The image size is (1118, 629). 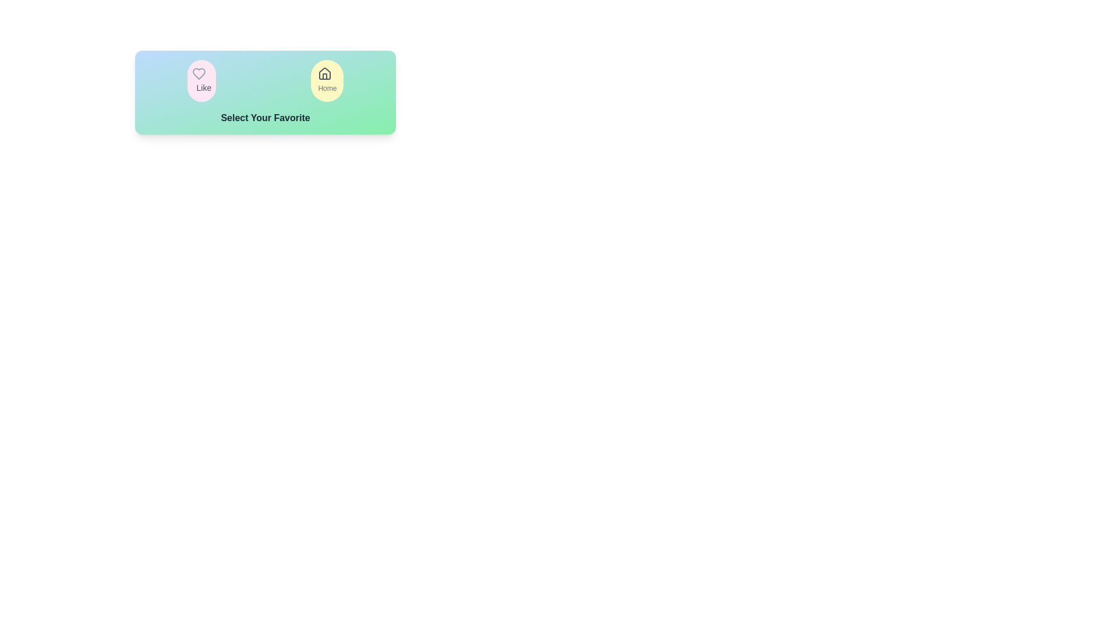 I want to click on the 'Like' text label, which is located beneath the heart-shaped icon in a rounded button on the left side of a horizontal arrangement, so click(x=204, y=87).